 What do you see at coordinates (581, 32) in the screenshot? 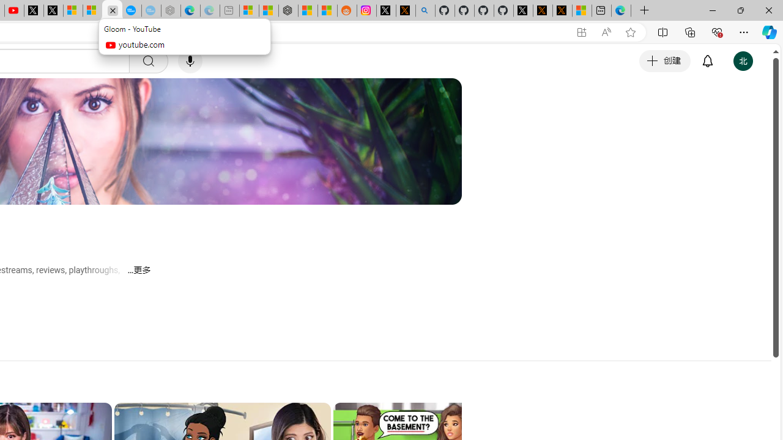
I see `'App available. Install YouTube'` at bounding box center [581, 32].